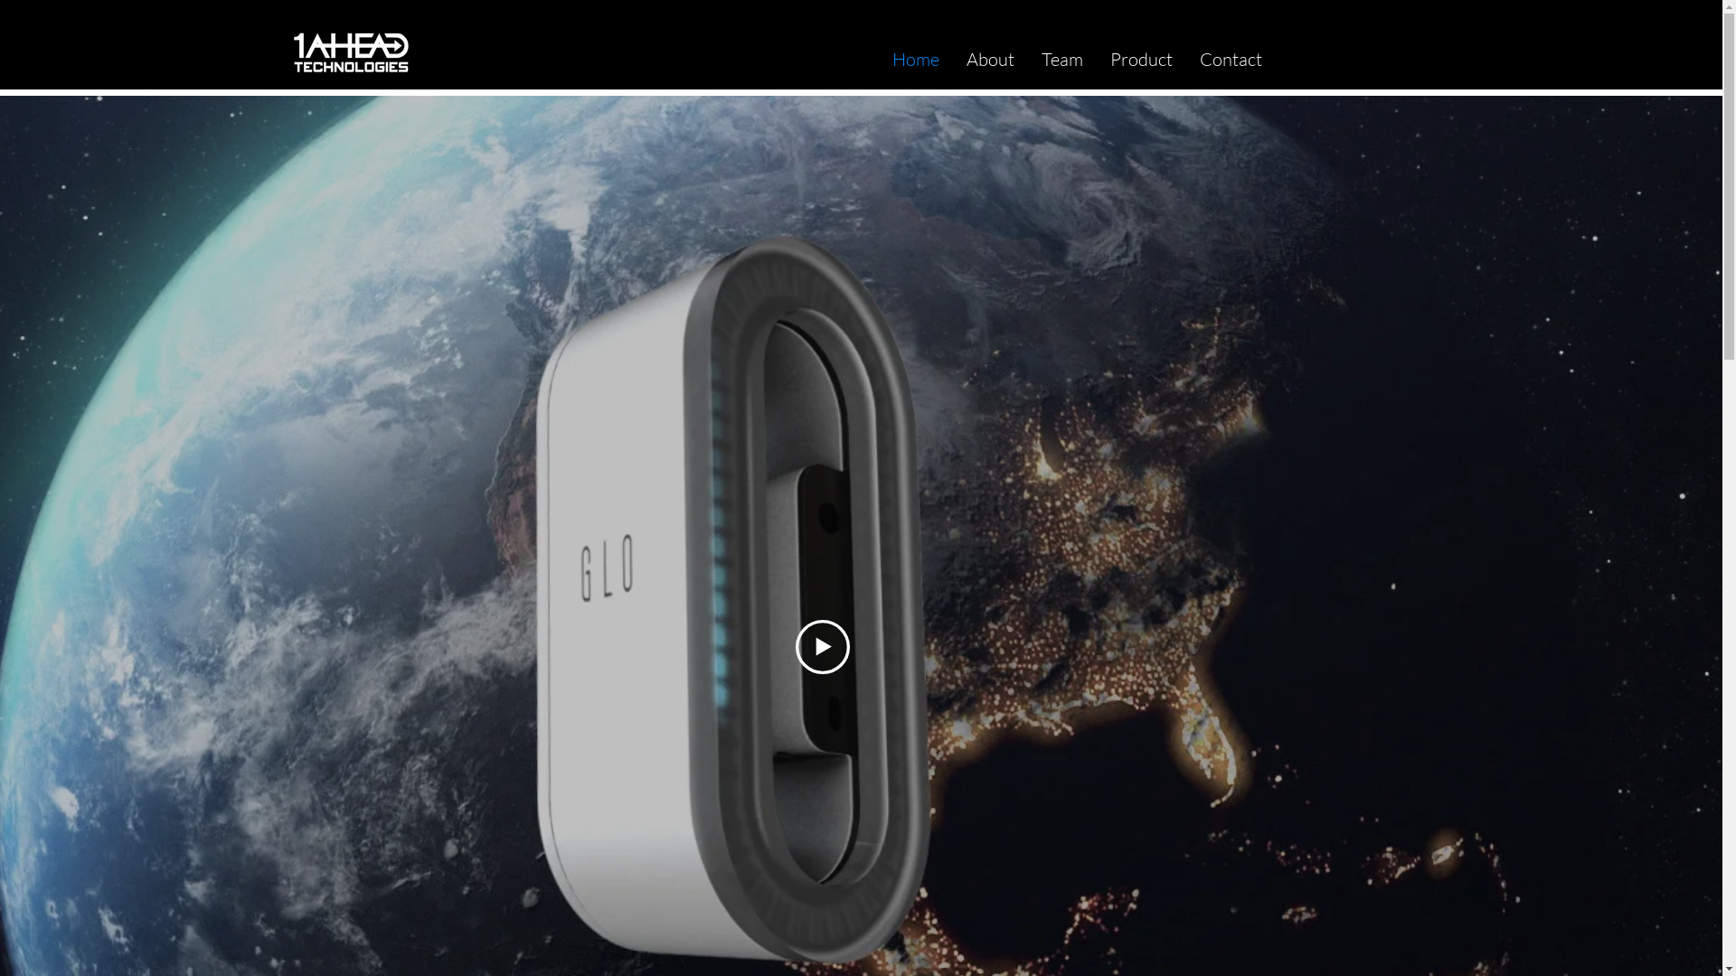  I want to click on 'About', so click(989, 58).